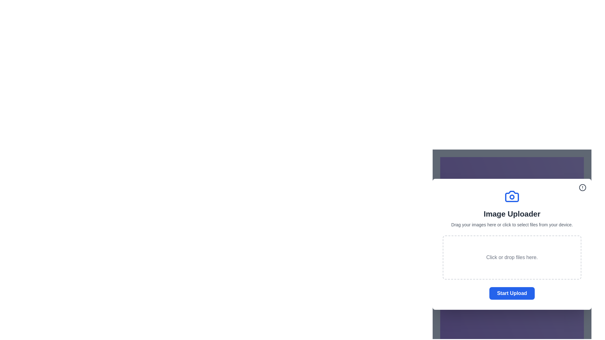 The height and width of the screenshot is (340, 605). Describe the element at coordinates (512, 196) in the screenshot. I see `the Decorative Icon located in the top-center of the modal above the title 'Image Uploader'` at that location.